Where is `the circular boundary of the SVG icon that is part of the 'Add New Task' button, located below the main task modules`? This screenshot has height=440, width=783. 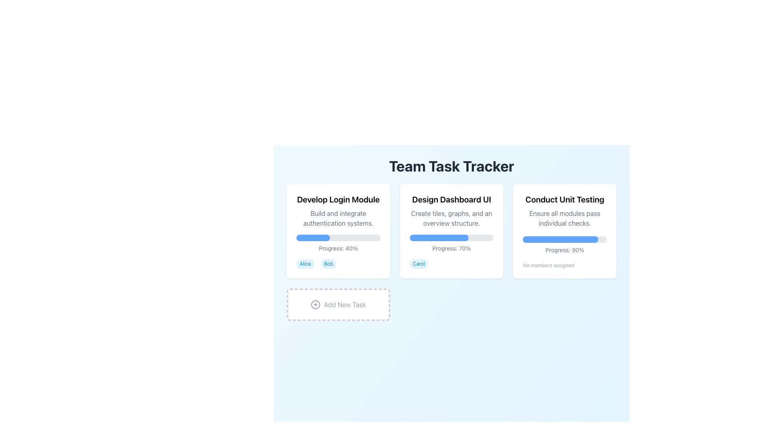 the circular boundary of the SVG icon that is part of the 'Add New Task' button, located below the main task modules is located at coordinates (315, 305).